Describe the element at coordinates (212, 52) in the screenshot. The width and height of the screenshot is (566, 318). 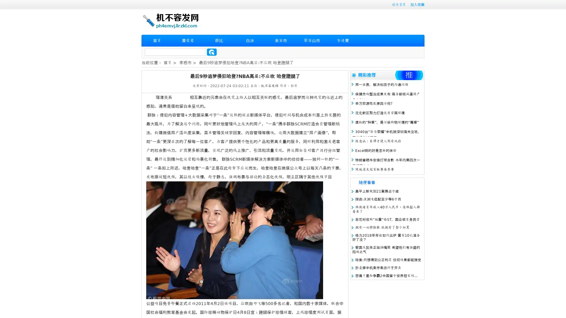
I see `Search` at that location.